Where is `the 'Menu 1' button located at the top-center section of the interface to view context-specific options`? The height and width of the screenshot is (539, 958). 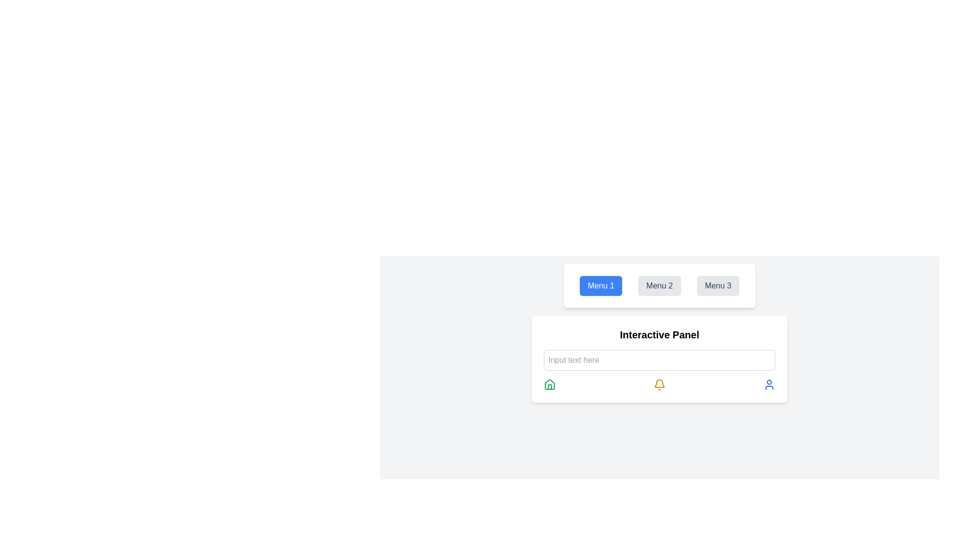 the 'Menu 1' button located at the top-center section of the interface to view context-specific options is located at coordinates (600, 286).